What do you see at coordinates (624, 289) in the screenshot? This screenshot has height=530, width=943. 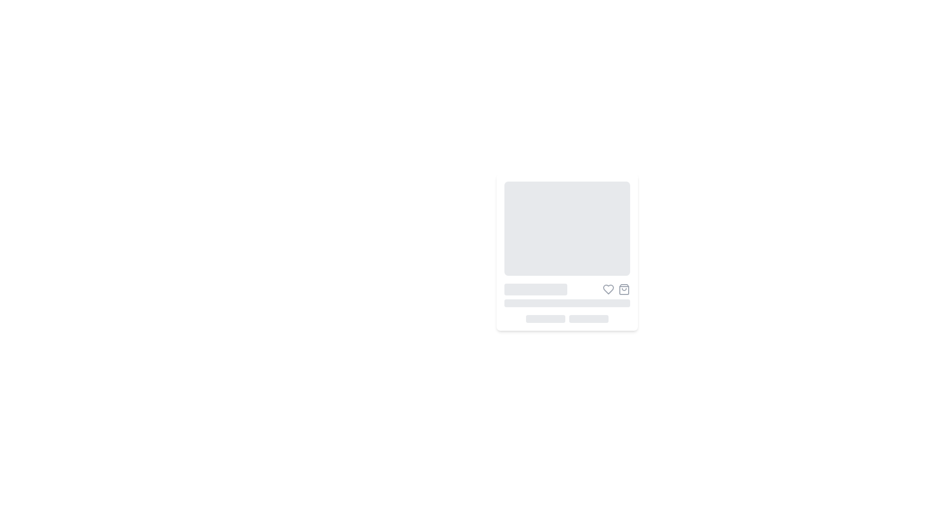 I see `the shopping-related SVG icon located at the bottom-right of the card component, adjacent to the heart icon` at bounding box center [624, 289].